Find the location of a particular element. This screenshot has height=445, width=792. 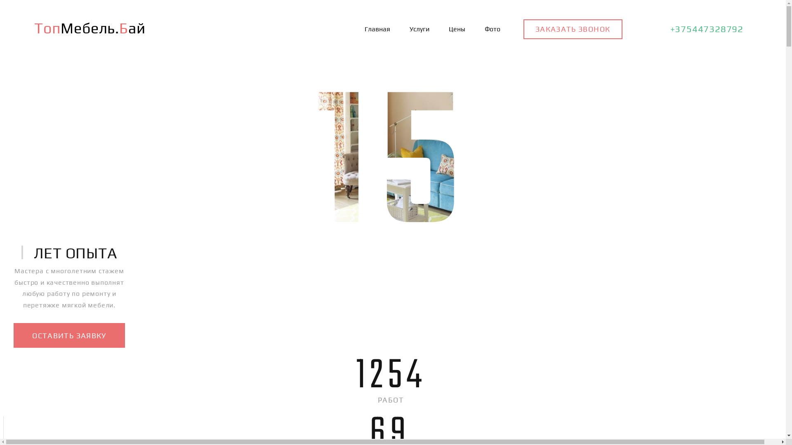

'+375447328792' is located at coordinates (688, 28).